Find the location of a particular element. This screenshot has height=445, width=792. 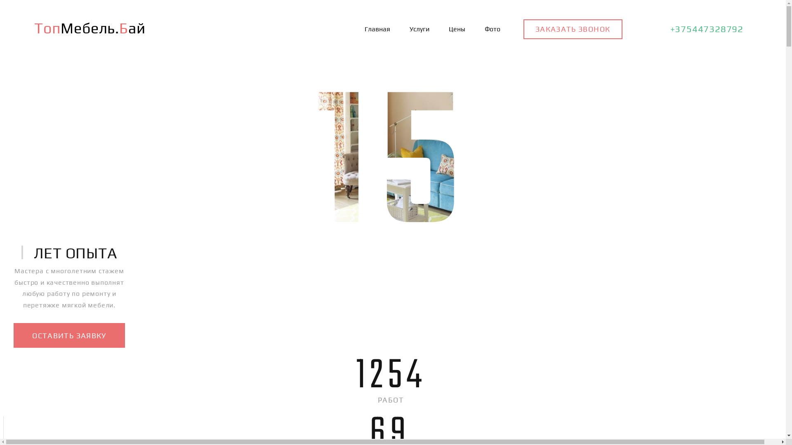

'+375447328792' is located at coordinates (688, 28).